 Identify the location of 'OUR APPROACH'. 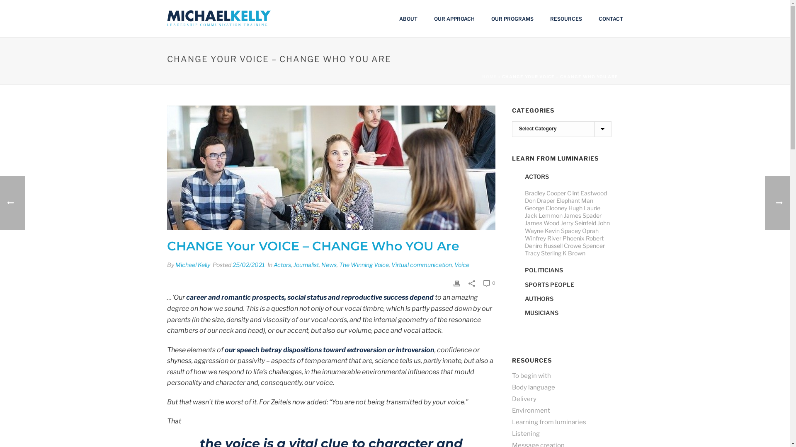
(453, 19).